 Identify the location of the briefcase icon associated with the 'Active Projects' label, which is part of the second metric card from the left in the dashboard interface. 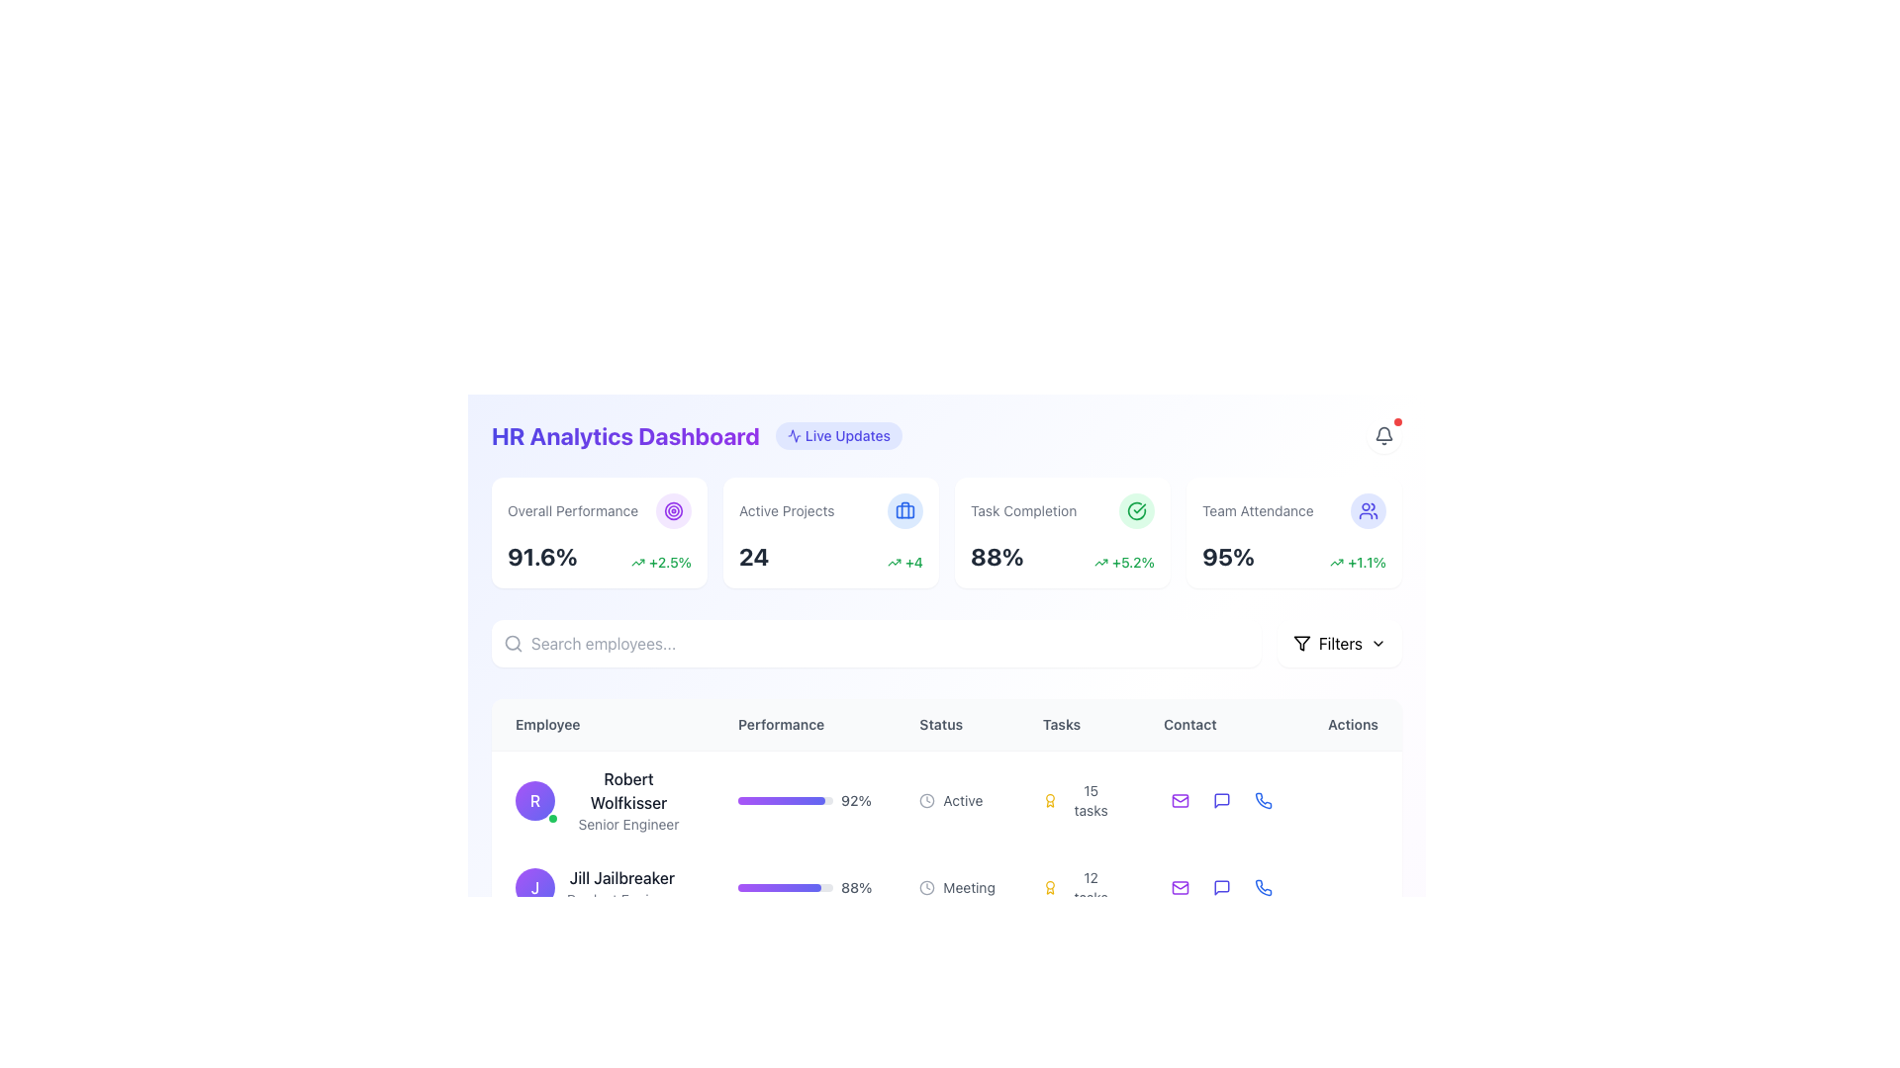
(831, 509).